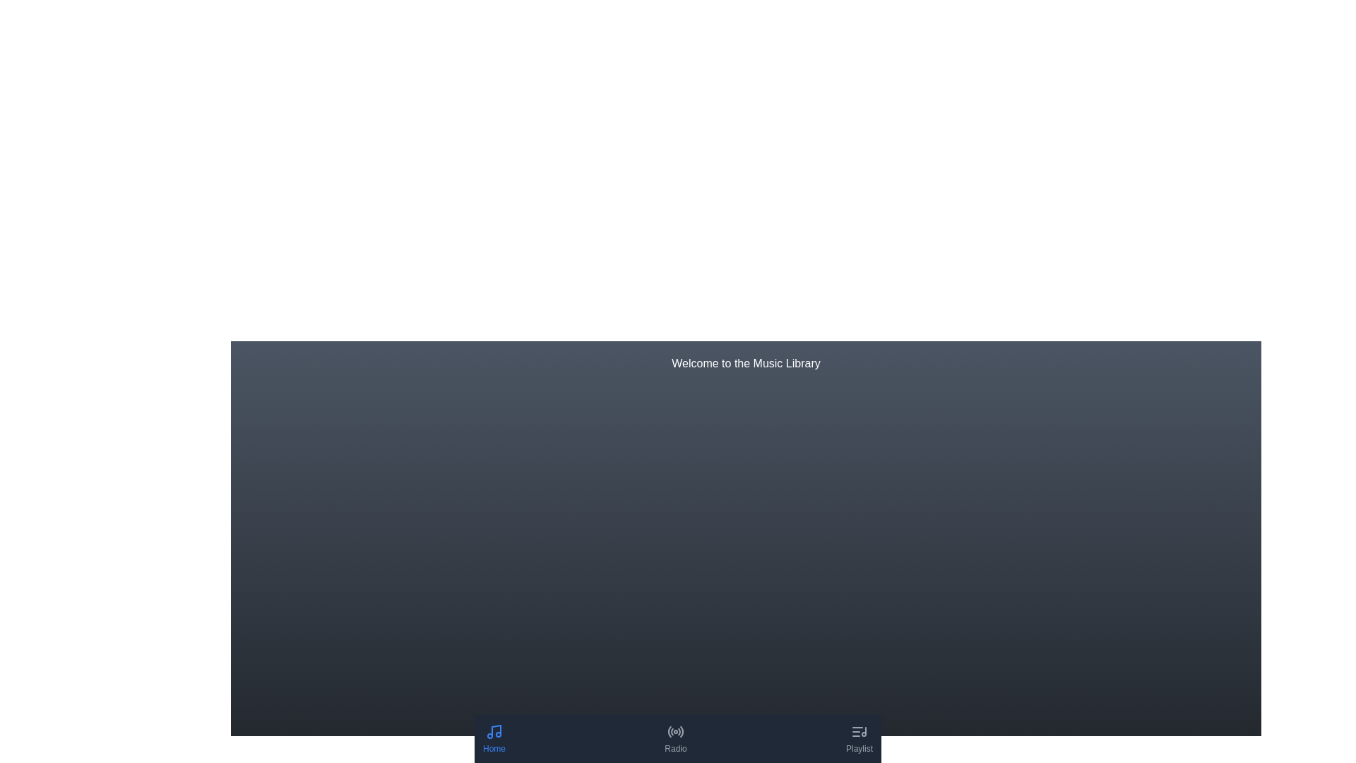  What do you see at coordinates (674, 738) in the screenshot?
I see `the navigational shortcut button for the 'Radio' section located in the bottom navigation bar` at bounding box center [674, 738].